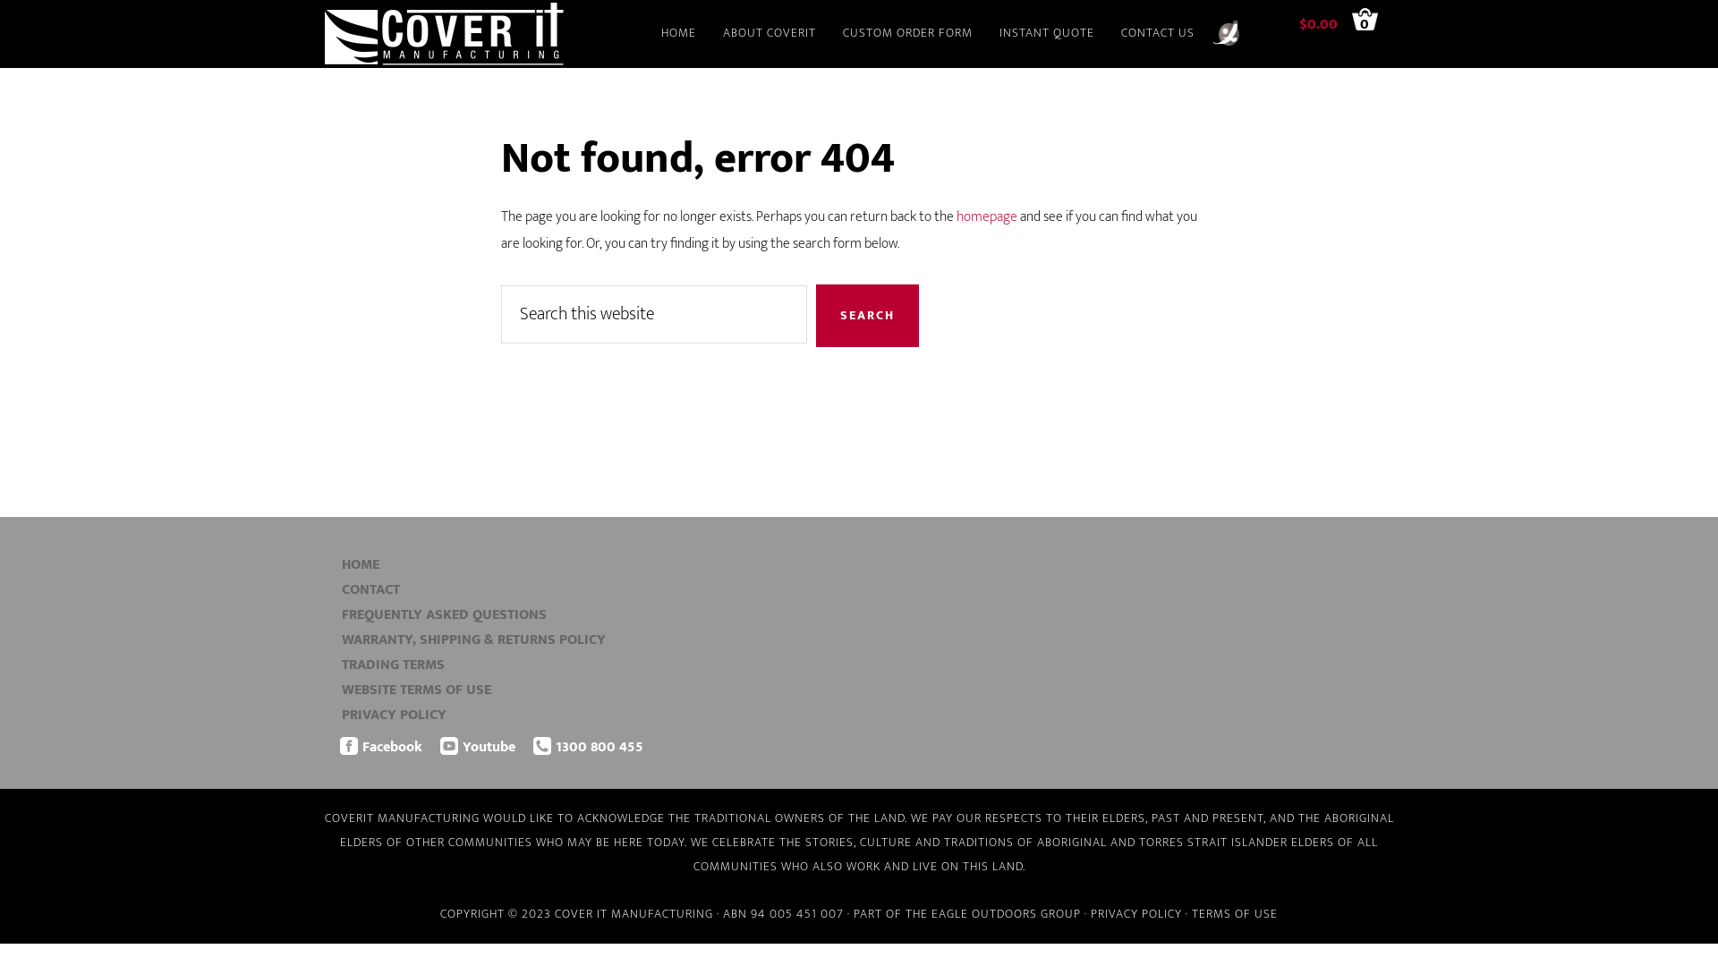 The image size is (1718, 966). What do you see at coordinates (769, 34) in the screenshot?
I see `'ABOUT COVERIT'` at bounding box center [769, 34].